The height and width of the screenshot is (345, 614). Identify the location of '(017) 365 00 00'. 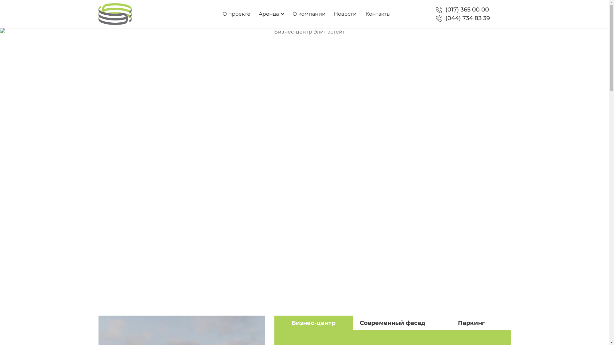
(467, 10).